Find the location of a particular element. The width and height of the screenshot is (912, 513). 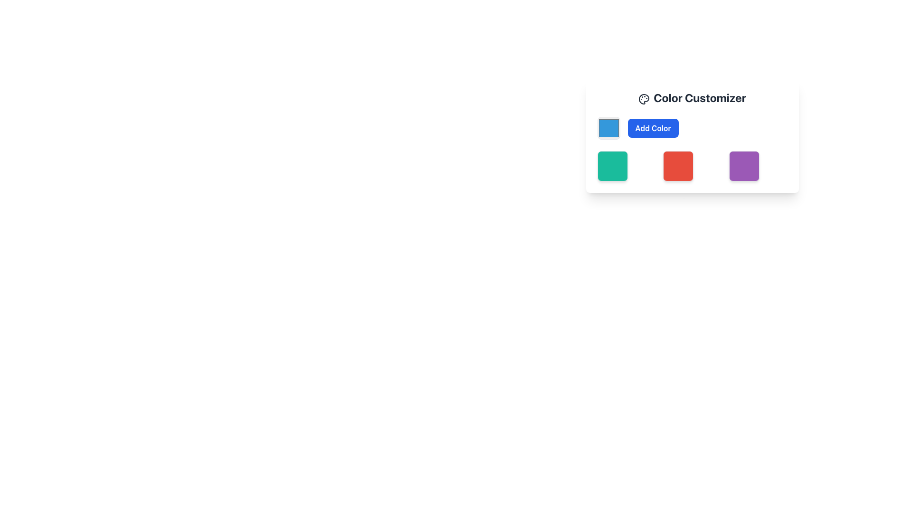

the third square in the row of three color squares at the bottom-right corner of the 'Color Customizer' interface is located at coordinates (758, 166).